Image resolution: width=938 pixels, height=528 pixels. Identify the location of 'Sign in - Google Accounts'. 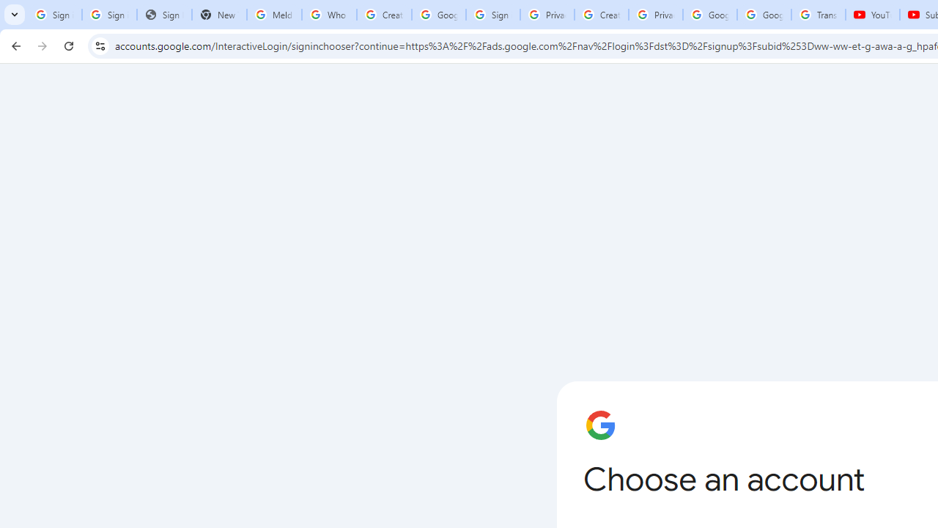
(493, 15).